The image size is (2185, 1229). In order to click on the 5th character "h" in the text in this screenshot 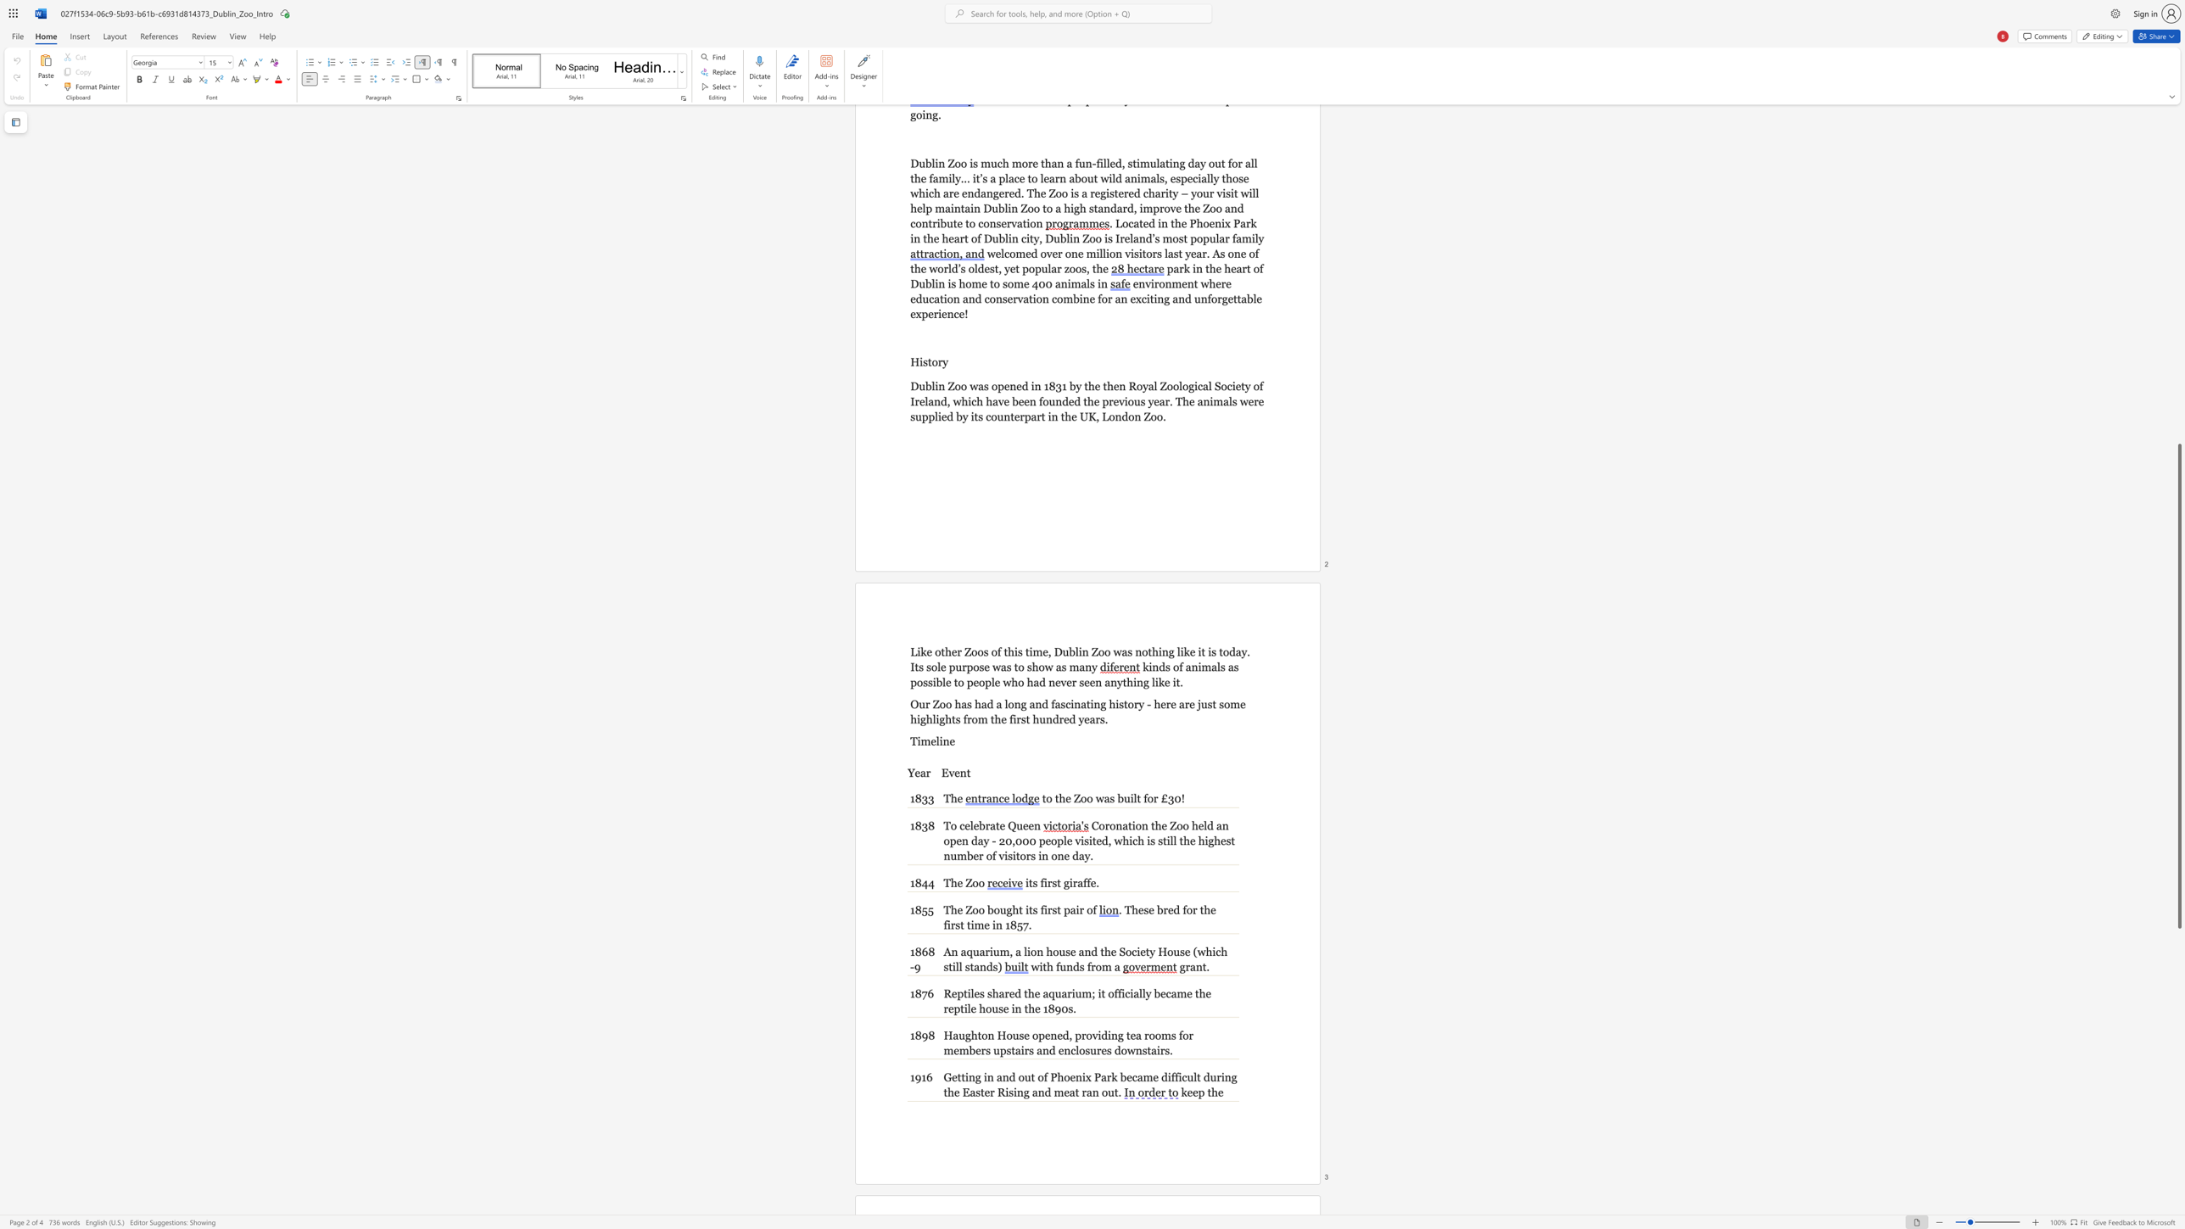, I will do `click(913, 718)`.